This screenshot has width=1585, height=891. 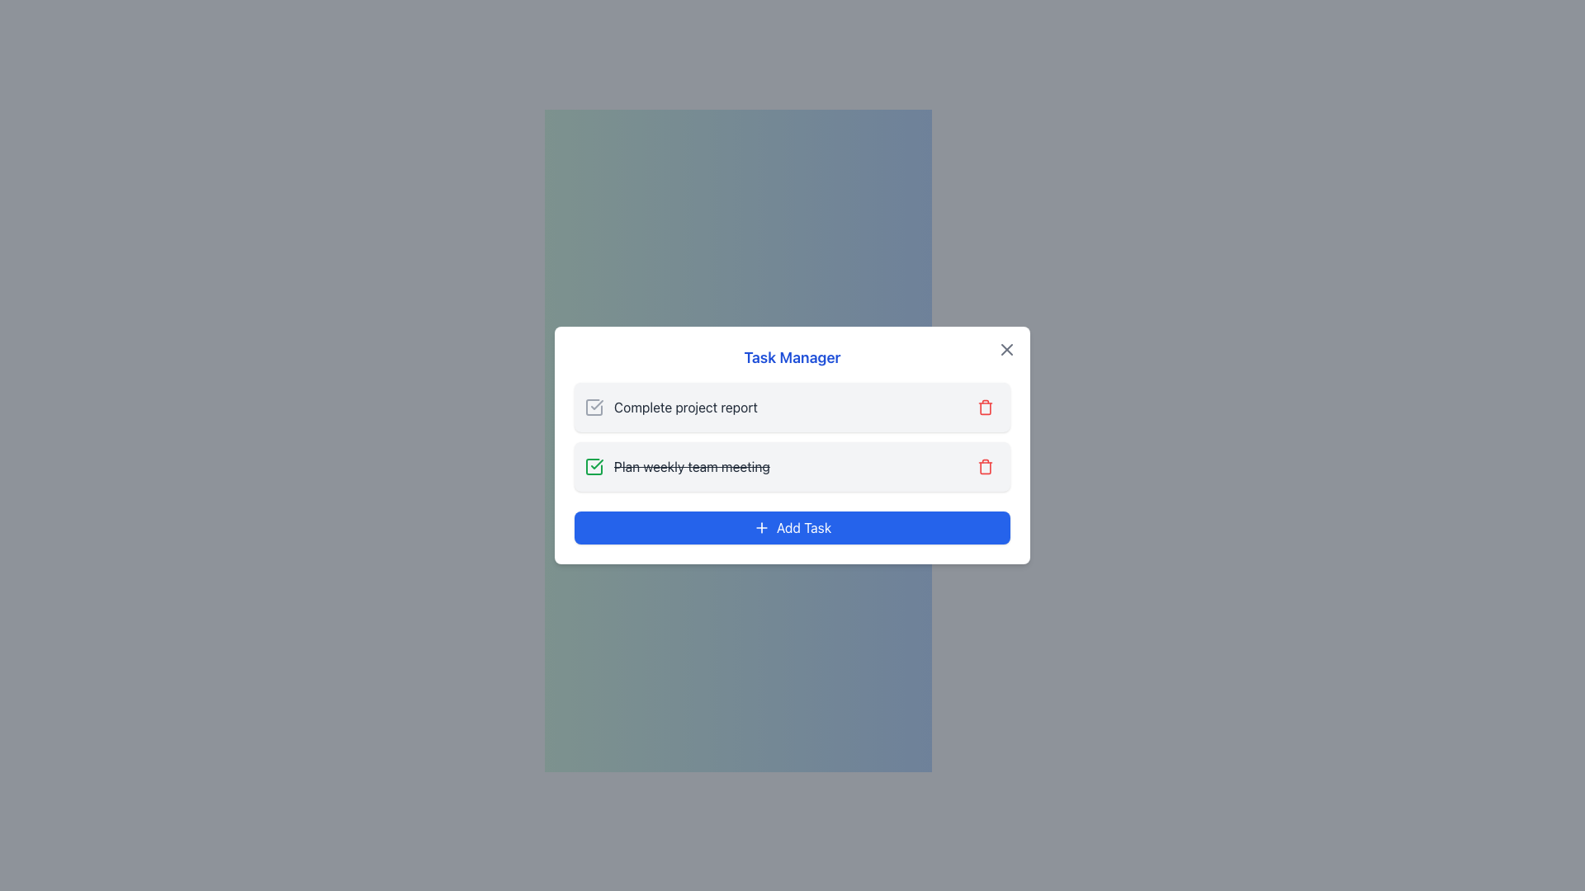 I want to click on the completed task label in the task manager application, which is the second task in the list and has a strike-through effect indicating completion, so click(x=677, y=467).